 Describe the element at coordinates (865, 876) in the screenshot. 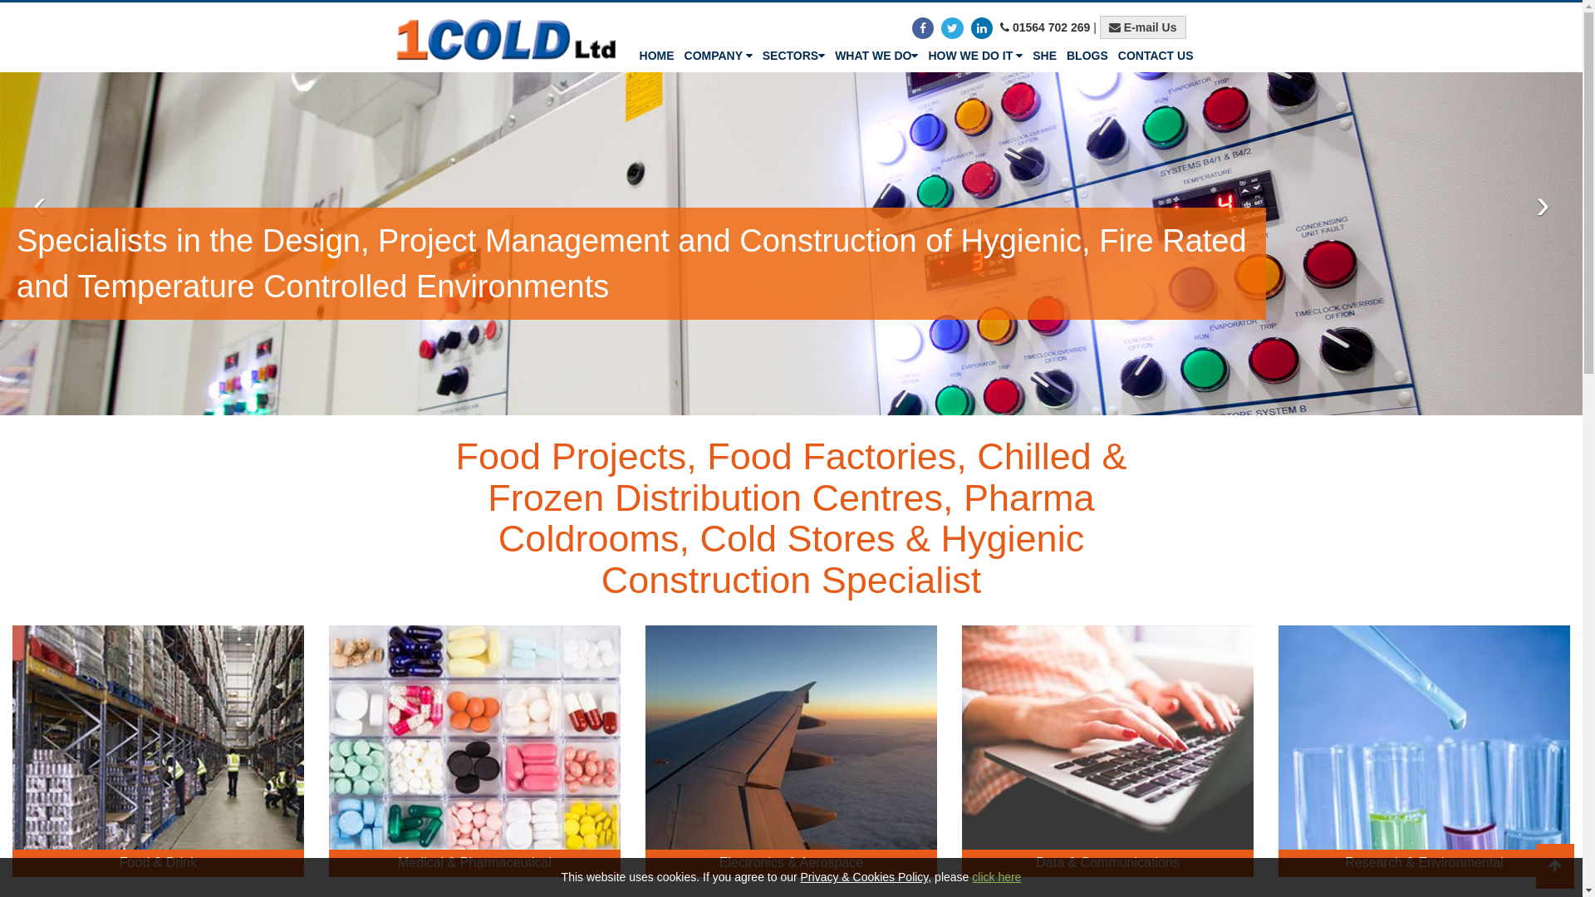

I see `'Privacy & Cookies Policy,'` at that location.